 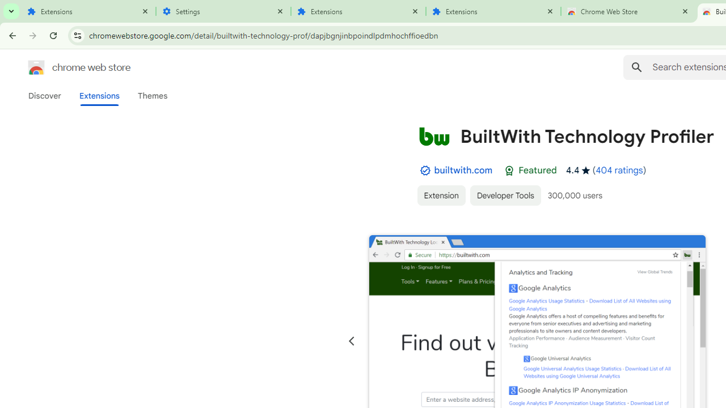 I want to click on 'Chrome Web Store logo', so click(x=36, y=67).